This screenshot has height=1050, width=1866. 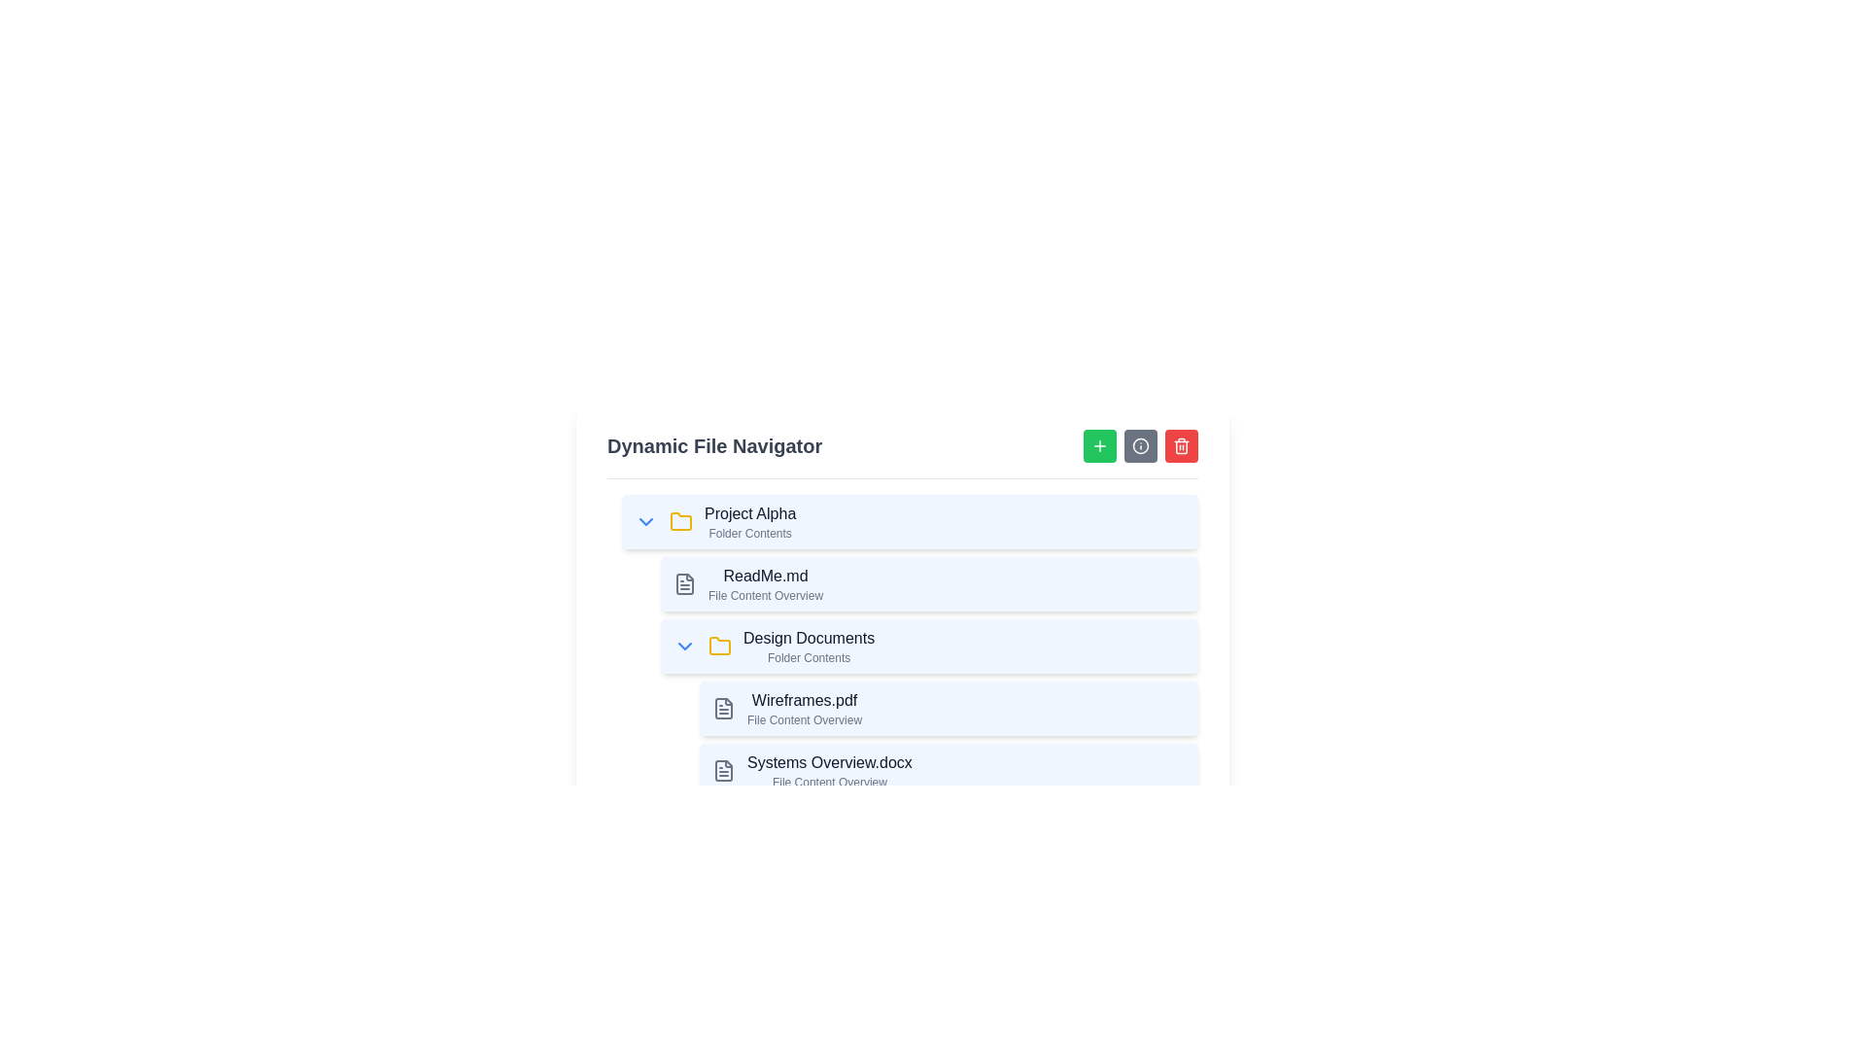 I want to click on the green button with white text and rounded corners located in the top-right corner of the interface to initiate an action, so click(x=1100, y=446).